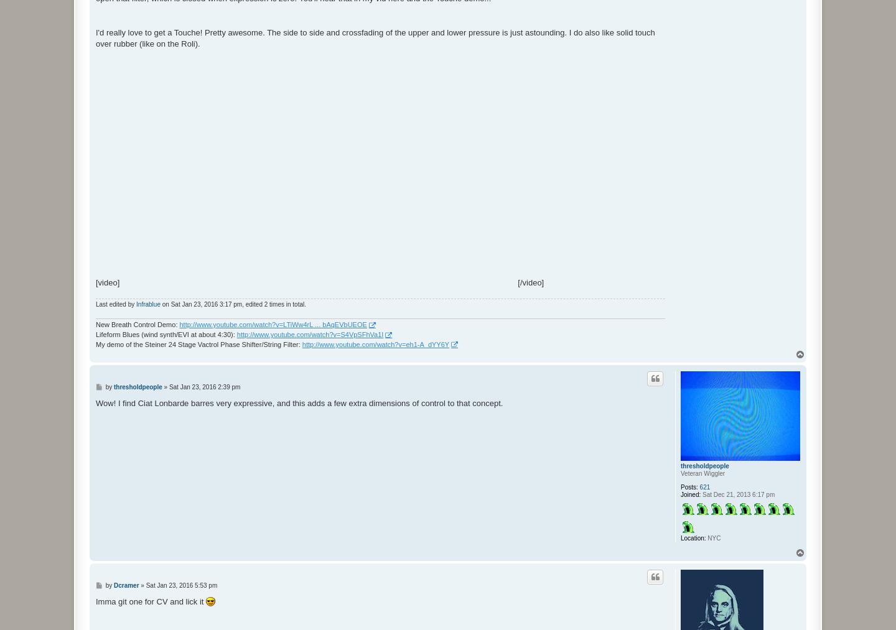 The height and width of the screenshot is (630, 896). I want to click on 'Joined:', so click(689, 494).